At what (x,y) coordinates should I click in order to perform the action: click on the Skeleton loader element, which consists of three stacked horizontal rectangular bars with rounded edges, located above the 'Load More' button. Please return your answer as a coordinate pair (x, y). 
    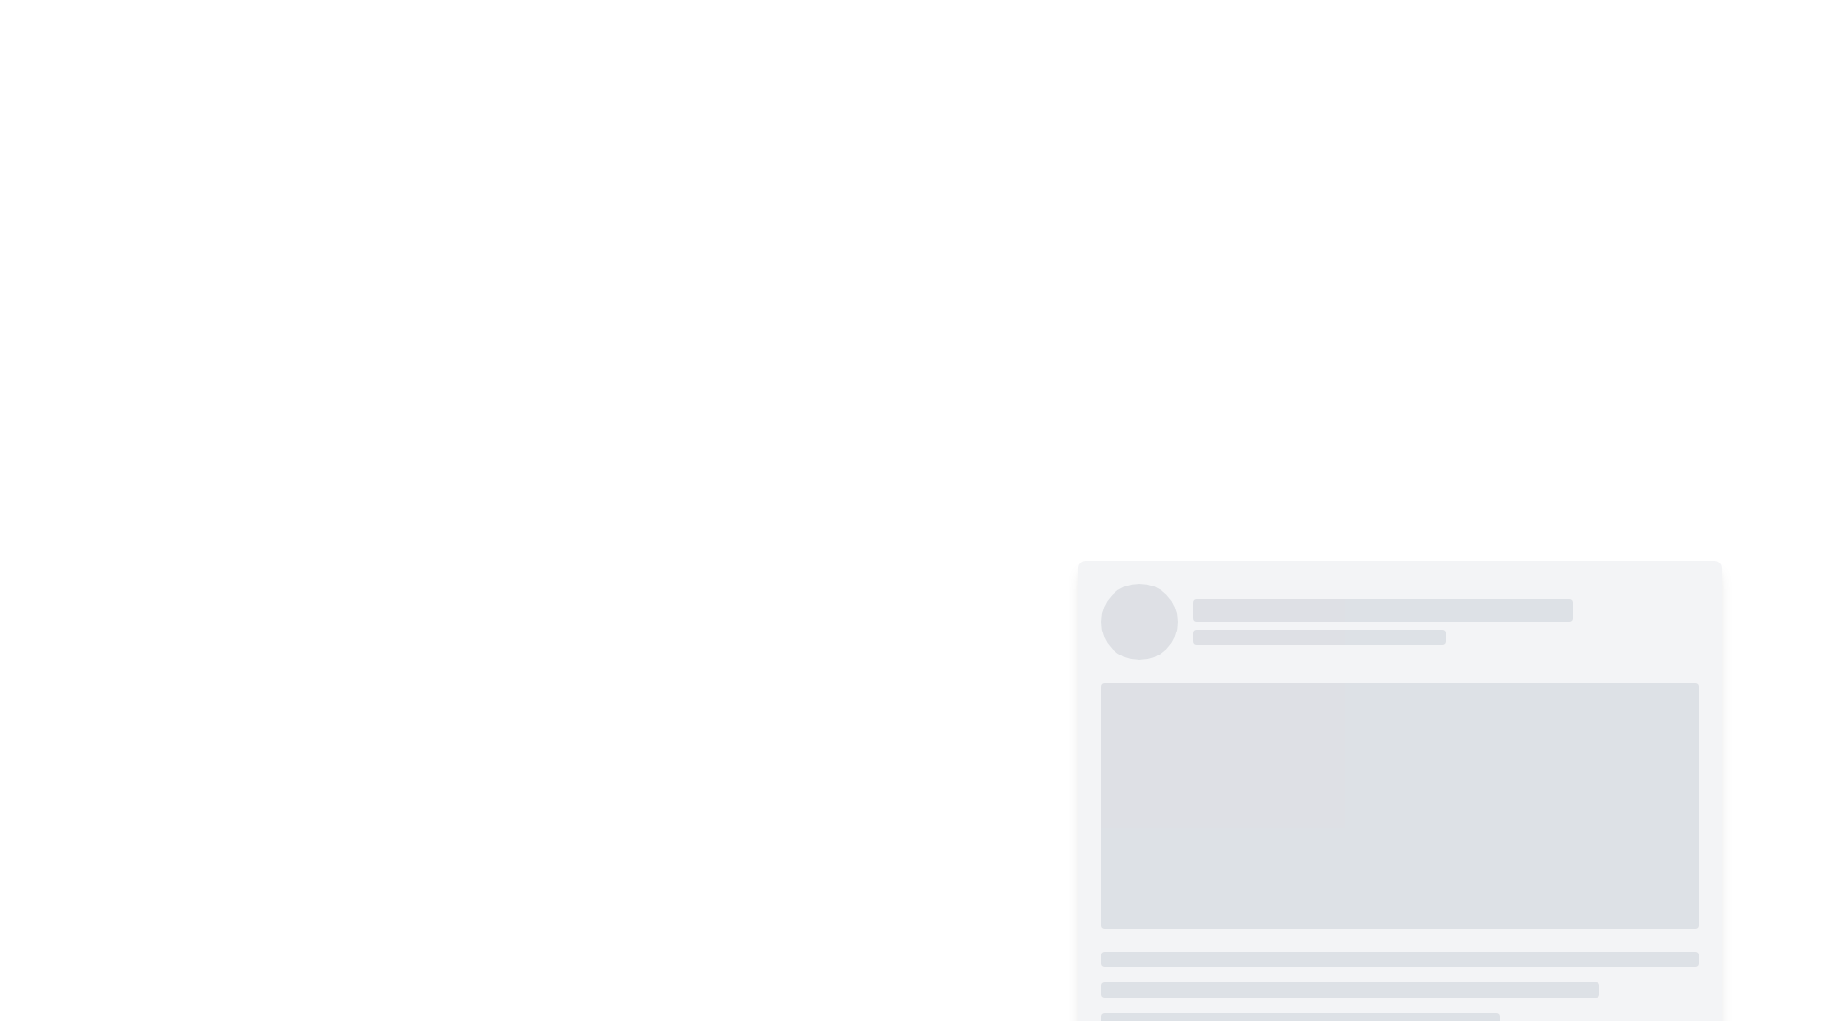
    Looking at the image, I should click on (1399, 990).